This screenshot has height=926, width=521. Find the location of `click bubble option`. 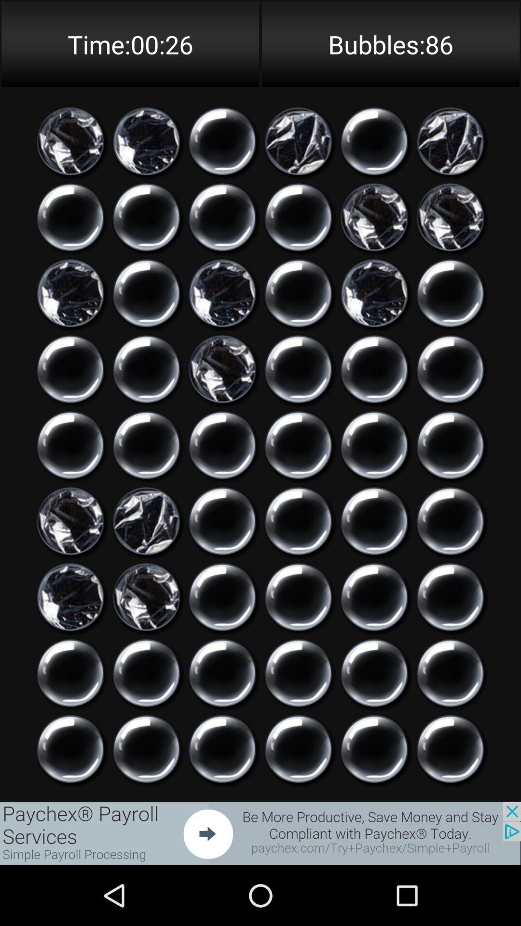

click bubble option is located at coordinates (450, 749).